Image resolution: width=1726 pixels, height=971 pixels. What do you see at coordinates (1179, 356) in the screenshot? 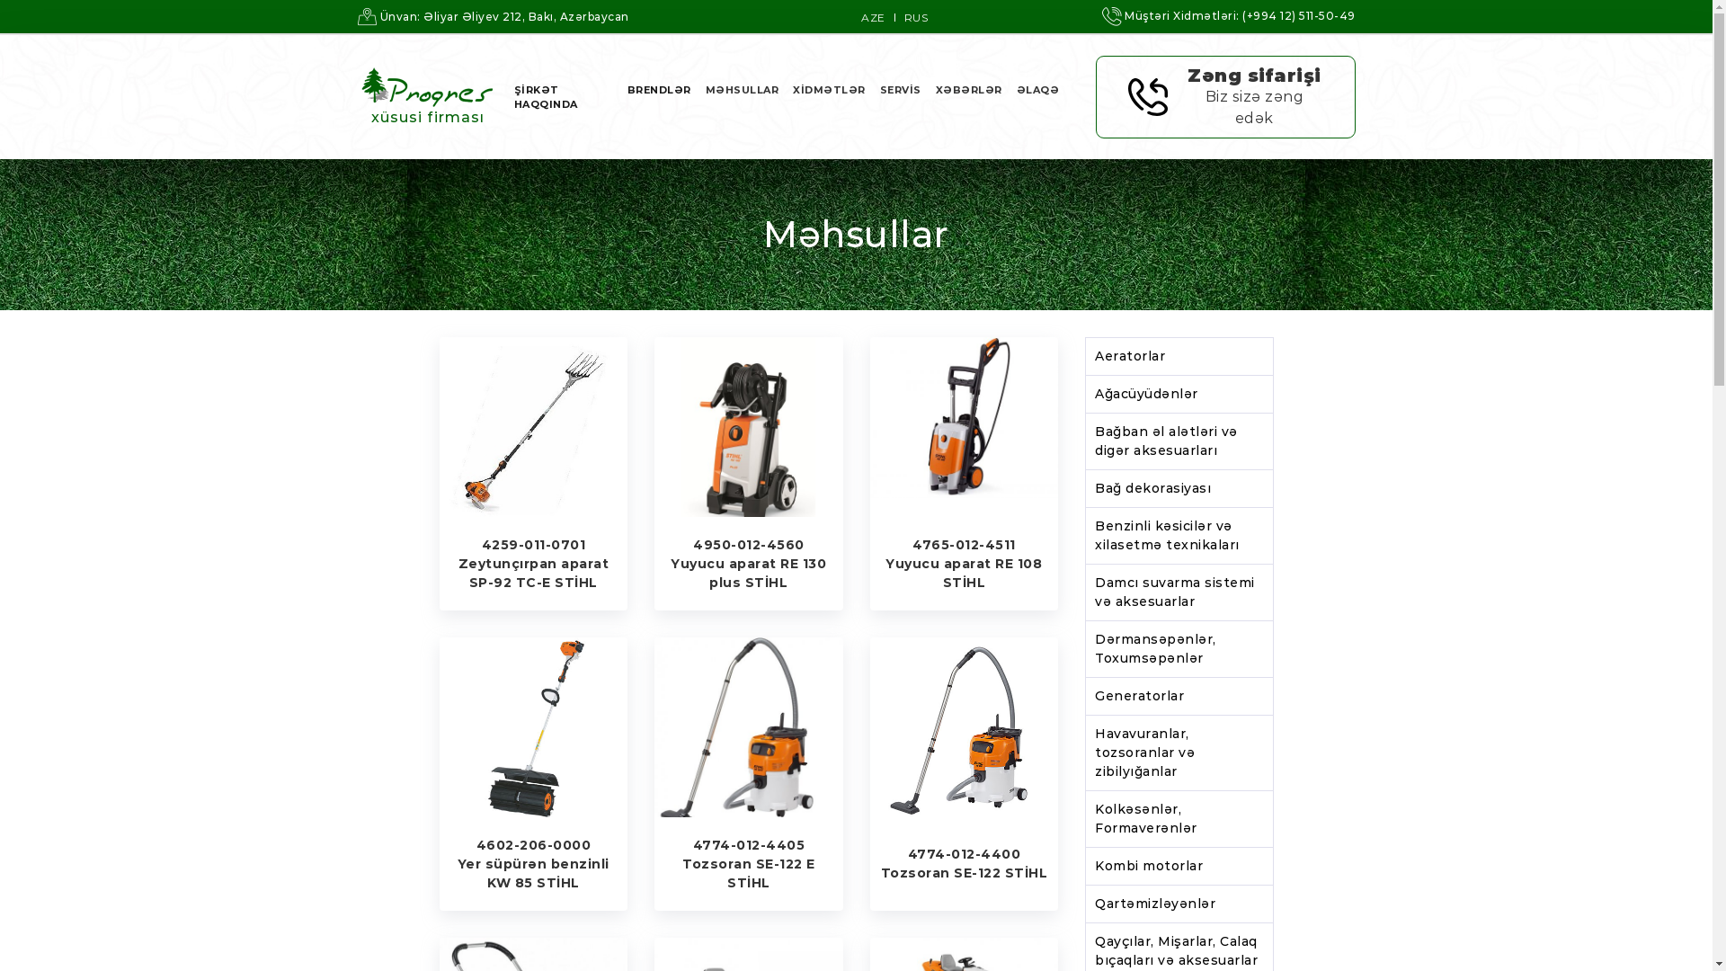
I see `'Aeratorlar'` at bounding box center [1179, 356].